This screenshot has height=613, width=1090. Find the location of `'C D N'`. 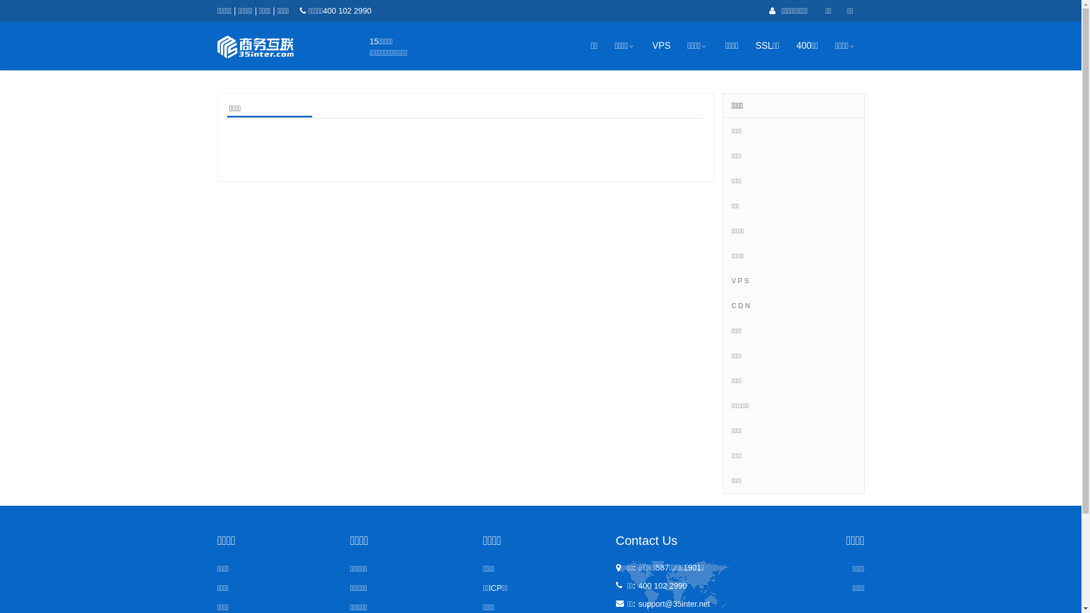

'C D N' is located at coordinates (731, 305).